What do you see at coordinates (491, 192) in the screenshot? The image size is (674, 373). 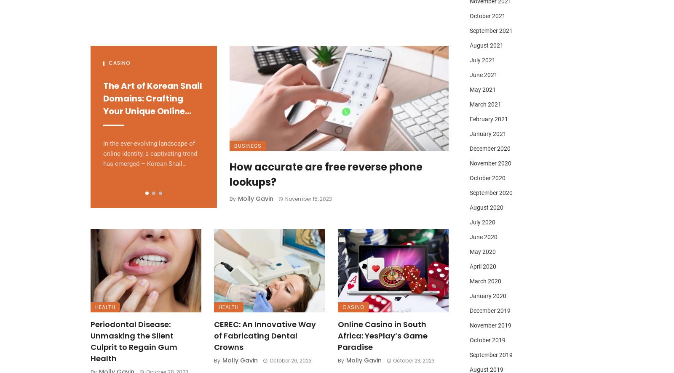 I see `'September 2020'` at bounding box center [491, 192].